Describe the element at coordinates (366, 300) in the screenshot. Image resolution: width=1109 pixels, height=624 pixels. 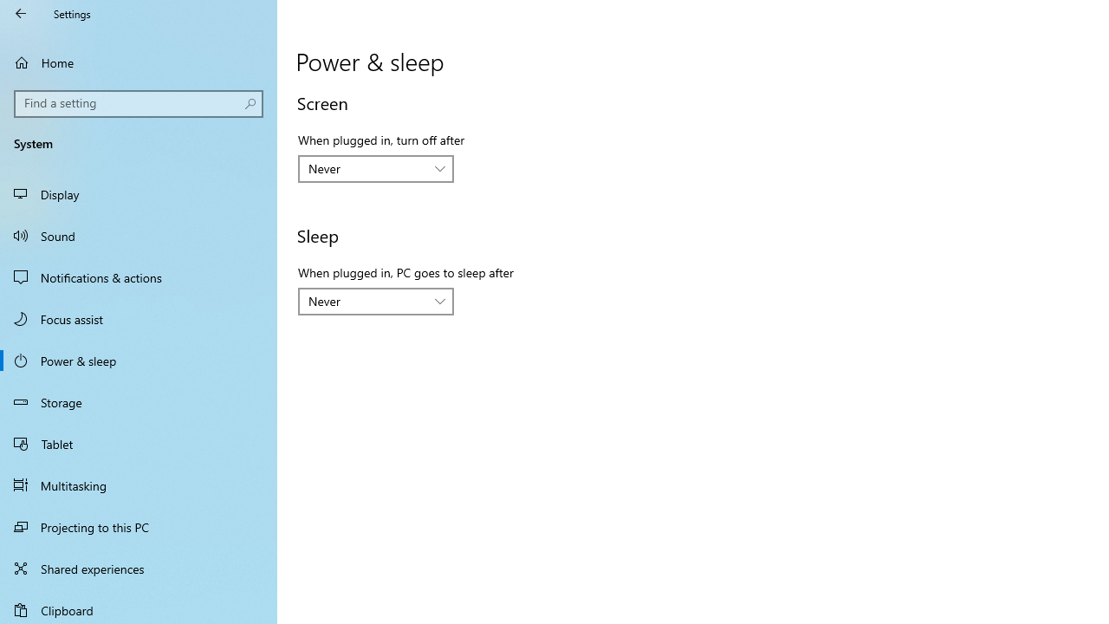
I see `'Never'` at that location.